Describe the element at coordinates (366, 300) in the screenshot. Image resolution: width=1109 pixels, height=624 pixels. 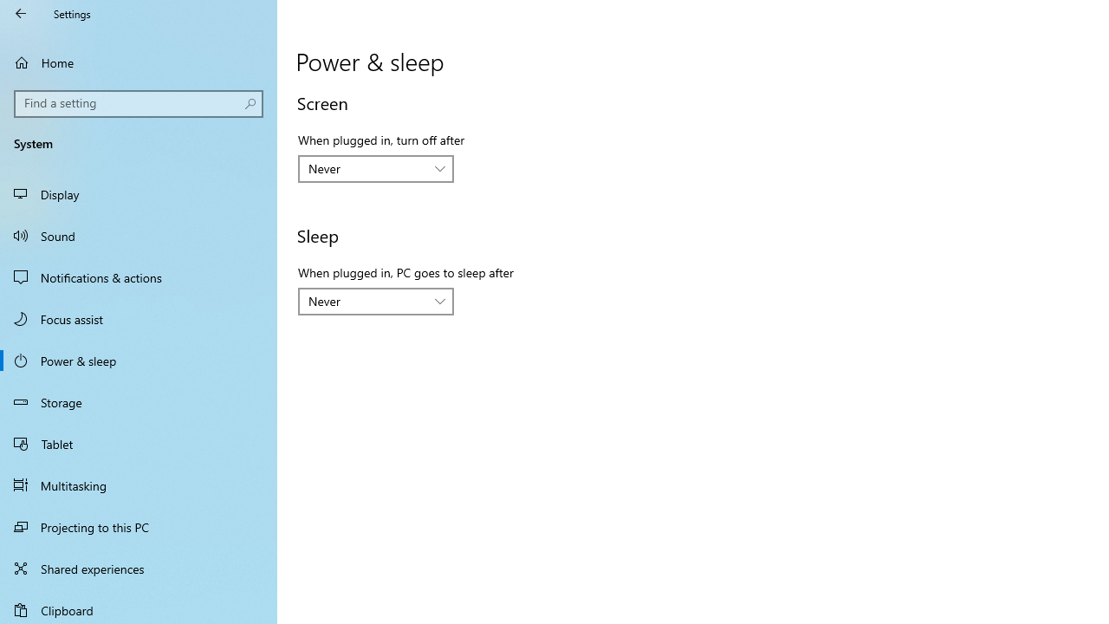
I see `'Never'` at that location.